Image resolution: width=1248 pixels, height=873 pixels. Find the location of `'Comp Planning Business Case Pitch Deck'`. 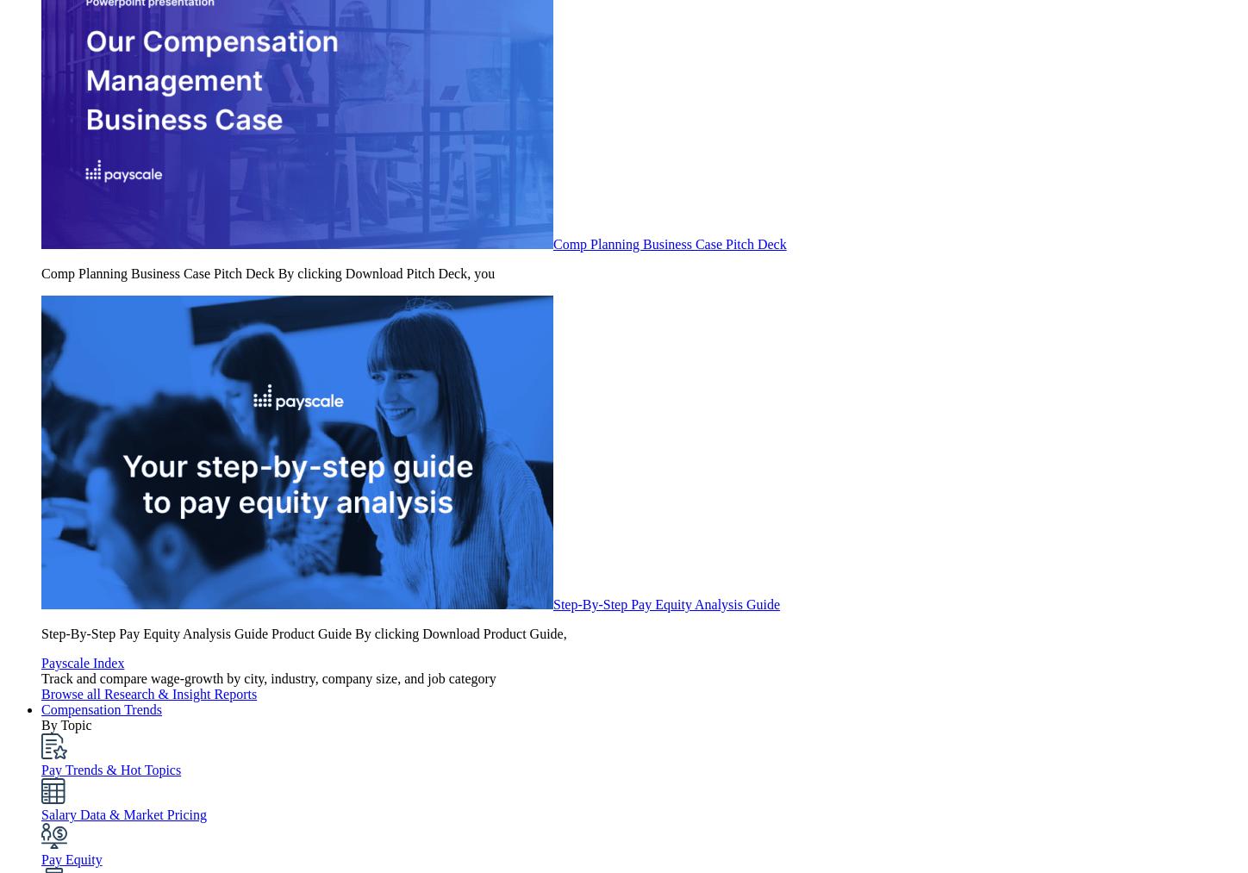

'Comp Planning Business Case Pitch Deck' is located at coordinates (669, 243).